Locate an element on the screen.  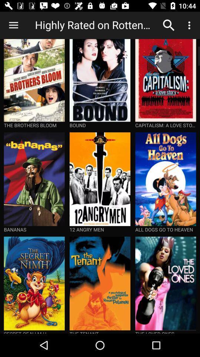
icon next to the highly rated on item is located at coordinates (13, 25).